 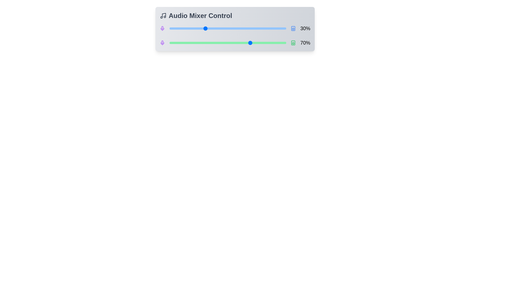 What do you see at coordinates (305, 29) in the screenshot?
I see `the static text label displaying '30%' located at the far-right end of the upper slider bar, near the speaker icon` at bounding box center [305, 29].